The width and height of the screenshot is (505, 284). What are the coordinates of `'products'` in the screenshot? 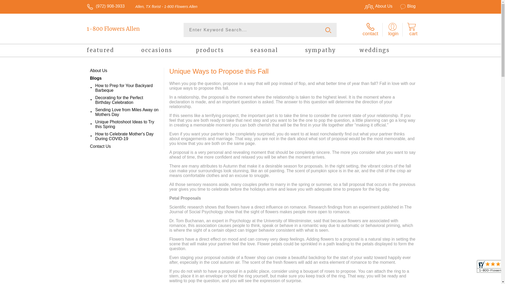 It's located at (223, 51).